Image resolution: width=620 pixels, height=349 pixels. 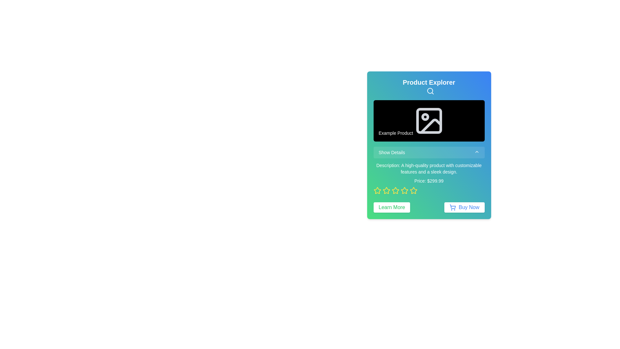 What do you see at coordinates (429, 86) in the screenshot?
I see `the Header with a magnifying glass icon that serves as the title for the product exploration section, located centrally above the 'Example Product' image placeholder` at bounding box center [429, 86].